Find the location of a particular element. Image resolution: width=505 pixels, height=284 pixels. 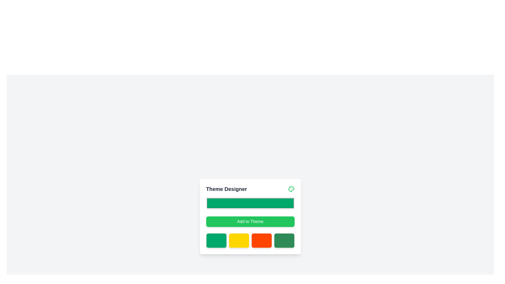

the bright yellow button with rounded corners located in the 'Theme Designer' section, positioned between a green button and an orange button is located at coordinates (239, 240).